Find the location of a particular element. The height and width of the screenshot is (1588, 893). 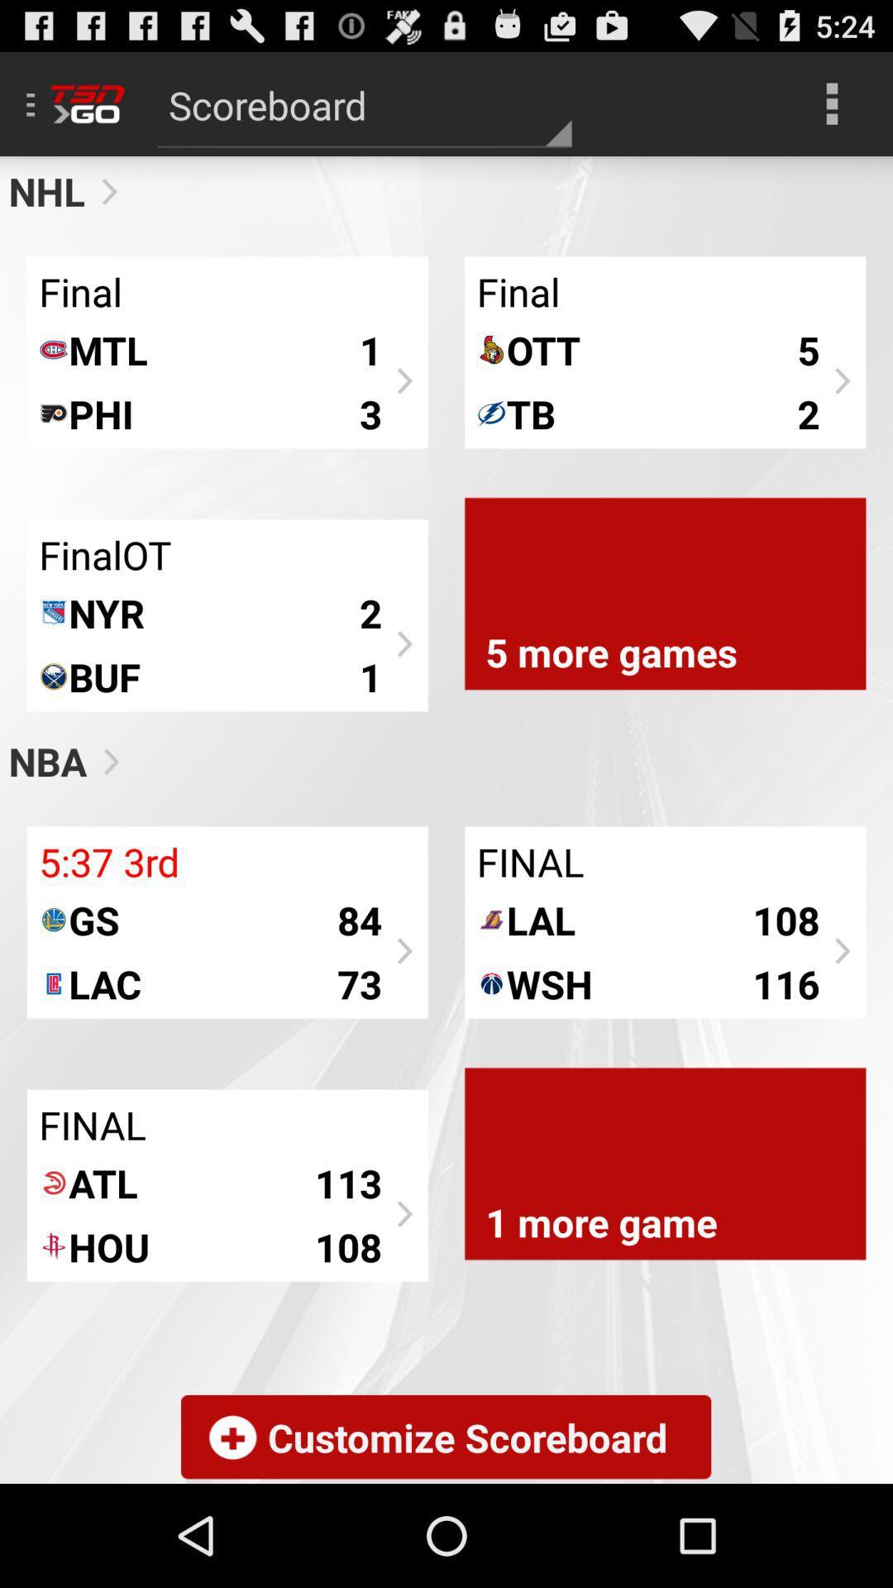

forward arrow icon right to nhl is located at coordinates (103, 191).